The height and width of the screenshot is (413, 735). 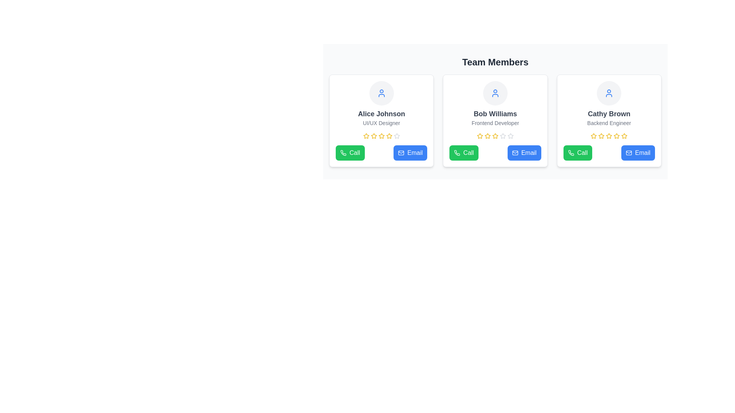 What do you see at coordinates (401, 153) in the screenshot?
I see `the envelope icon located to the left of the 'Email' text on the blue 'Email' button for Alice Johnson` at bounding box center [401, 153].